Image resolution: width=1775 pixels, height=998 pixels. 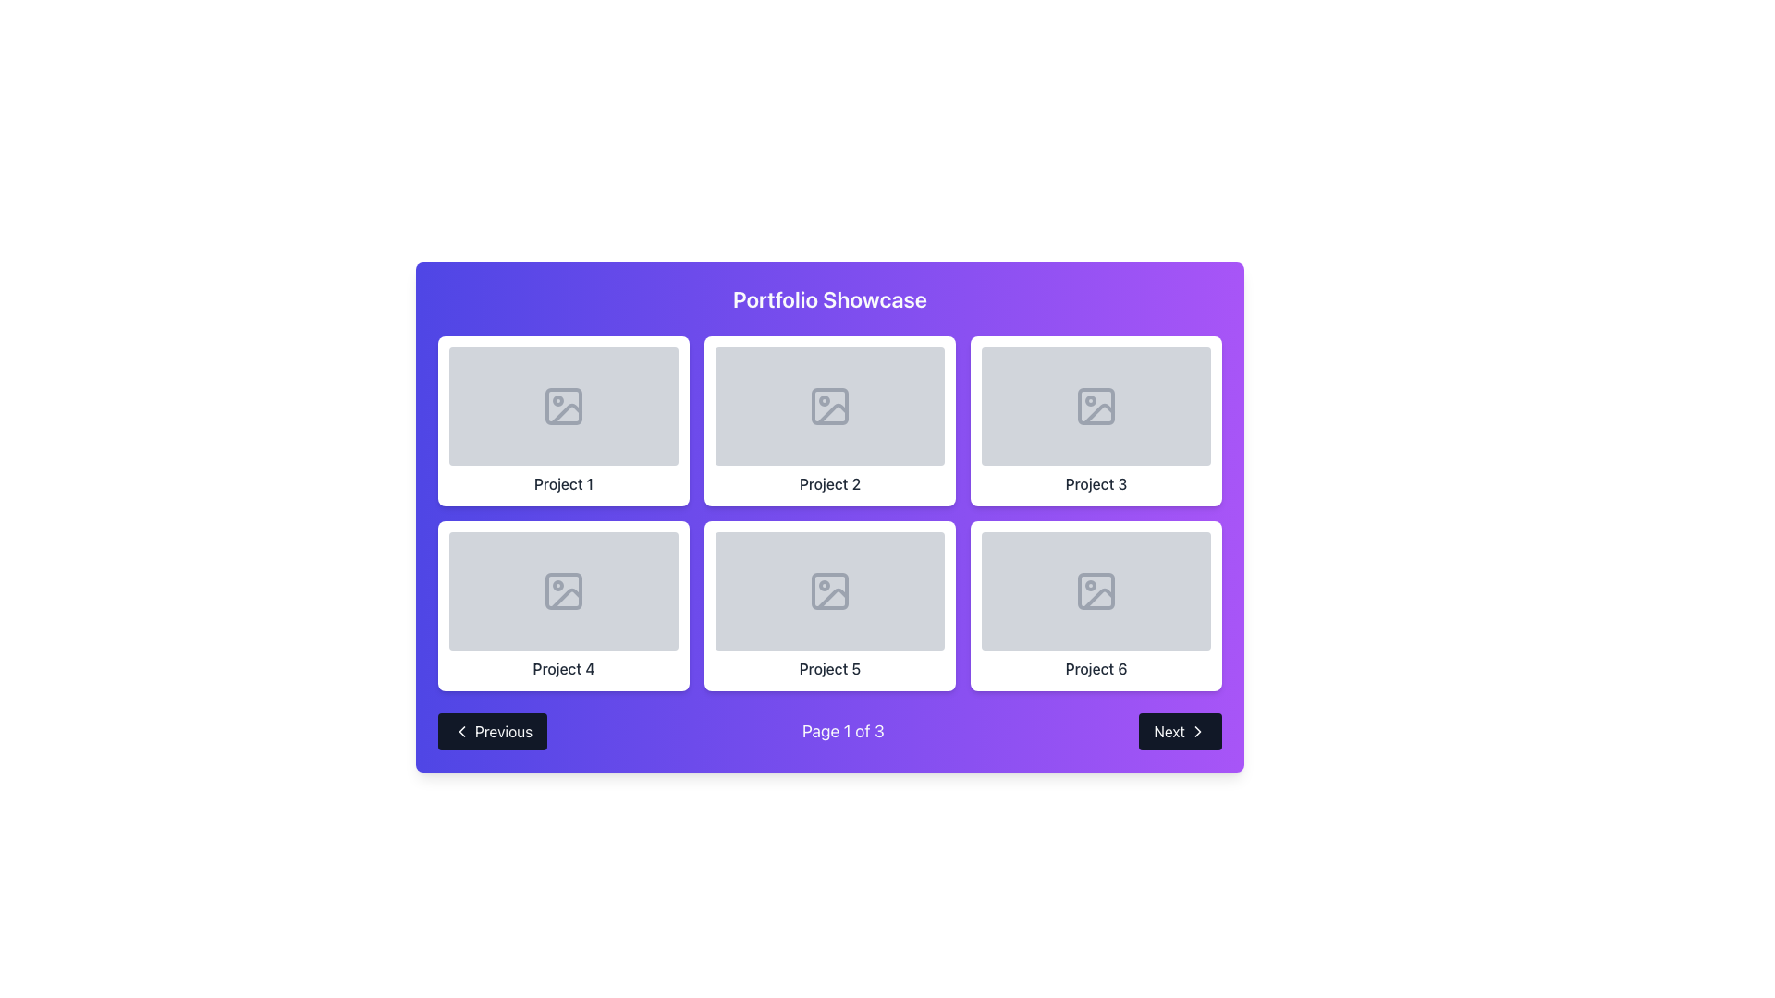 I want to click on the text label displaying 'Project 5', which is styled with a medium weight font and centered alignment, located underneath the image area of the fifth project card in the bottom-right panel of the grid layout, so click(x=828, y=669).